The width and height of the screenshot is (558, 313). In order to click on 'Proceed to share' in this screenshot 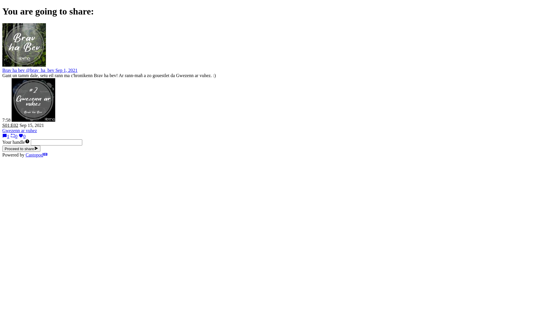, I will do `click(21, 148)`.